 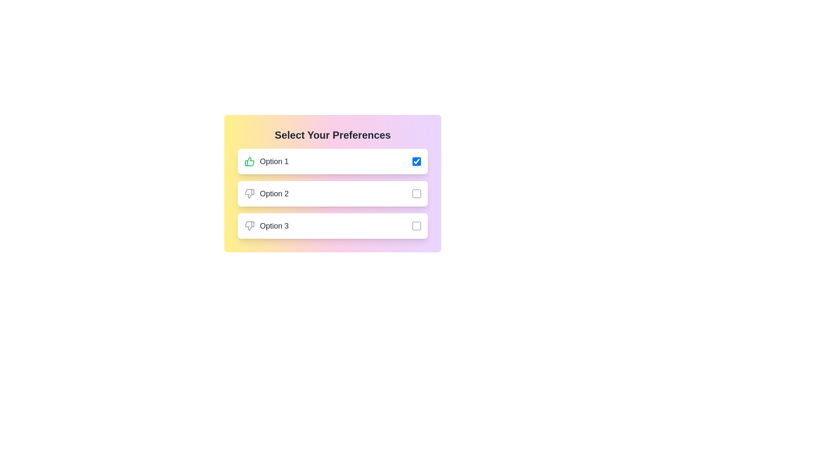 What do you see at coordinates (266, 162) in the screenshot?
I see `the first list item containing the icon and text label for 'Option 1', which is part of a selectable group within a card layout` at bounding box center [266, 162].